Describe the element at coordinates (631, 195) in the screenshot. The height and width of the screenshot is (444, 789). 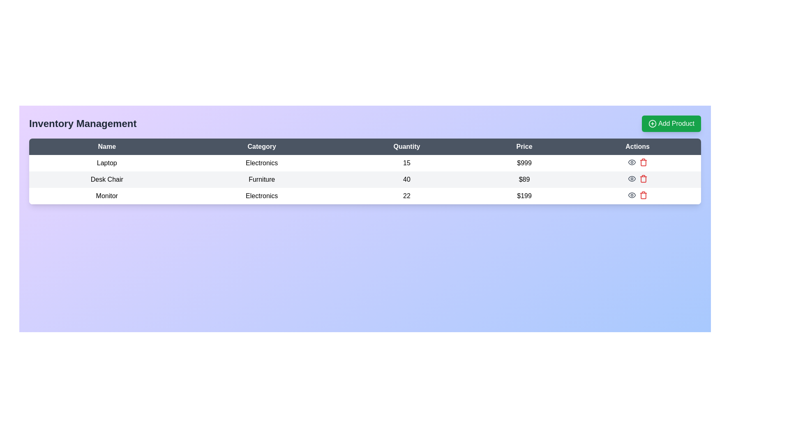
I see `the eye icon button located in the 'Actions' column of the third row ('Monitor') of the inventory management table` at that location.